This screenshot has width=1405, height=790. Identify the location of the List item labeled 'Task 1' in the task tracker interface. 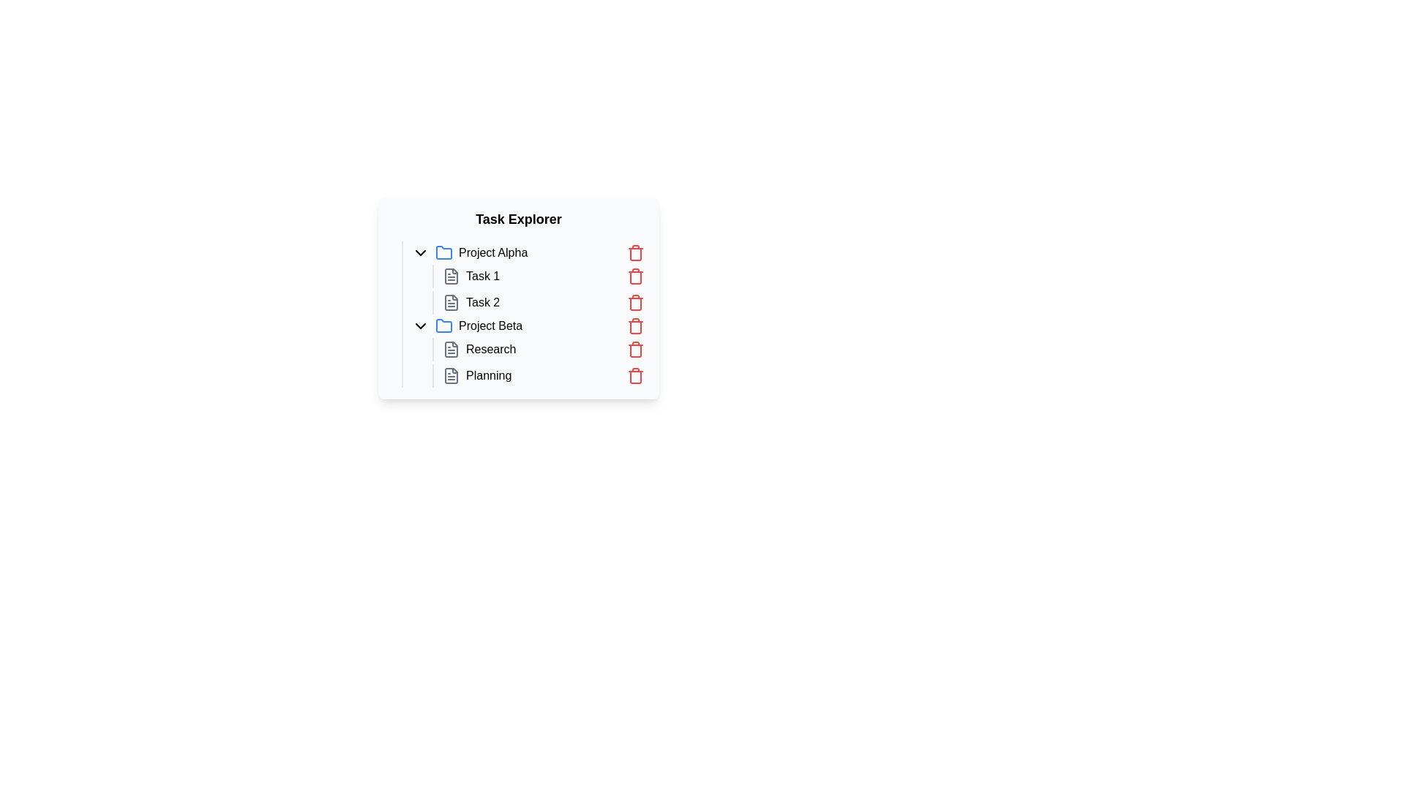
(539, 276).